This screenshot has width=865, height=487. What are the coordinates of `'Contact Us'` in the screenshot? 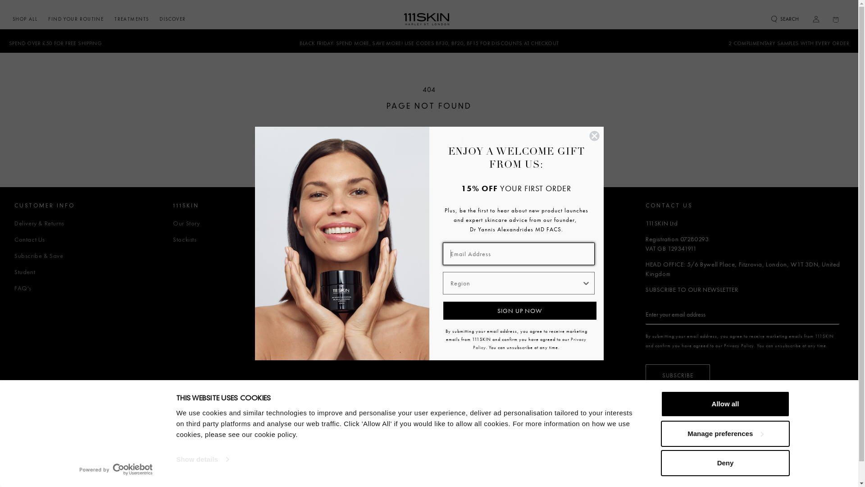 It's located at (30, 236).